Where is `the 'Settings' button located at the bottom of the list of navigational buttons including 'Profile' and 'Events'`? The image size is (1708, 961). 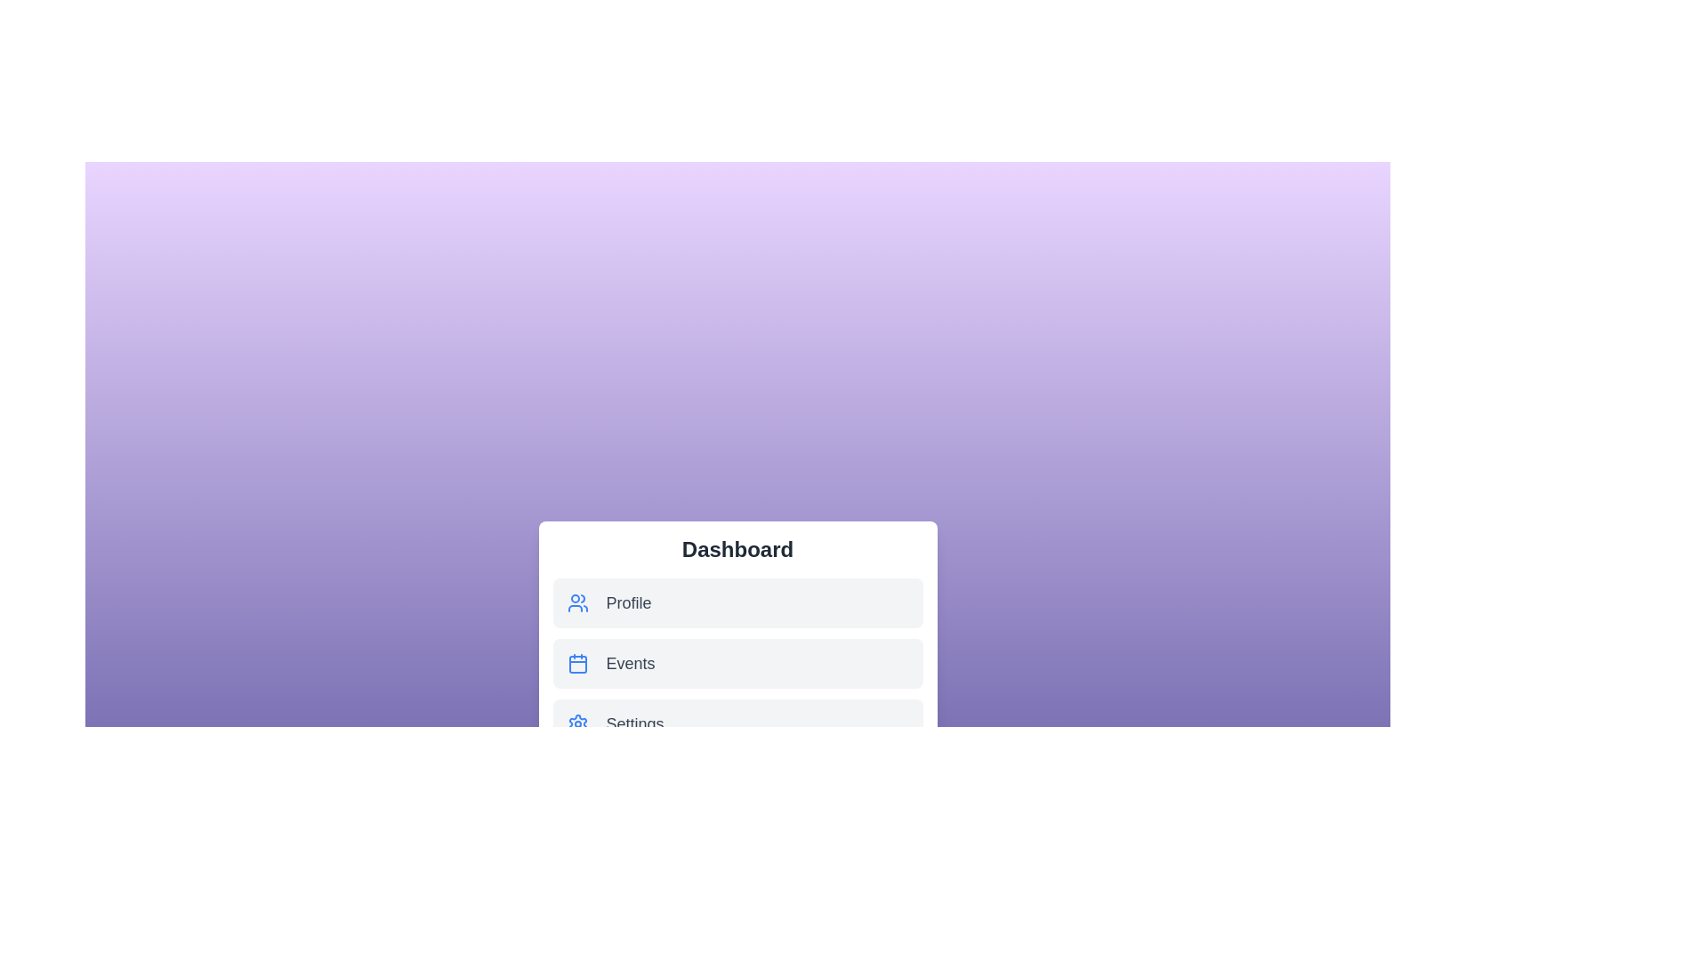
the 'Settings' button located at the bottom of the list of navigational buttons including 'Profile' and 'Events' is located at coordinates (737, 723).